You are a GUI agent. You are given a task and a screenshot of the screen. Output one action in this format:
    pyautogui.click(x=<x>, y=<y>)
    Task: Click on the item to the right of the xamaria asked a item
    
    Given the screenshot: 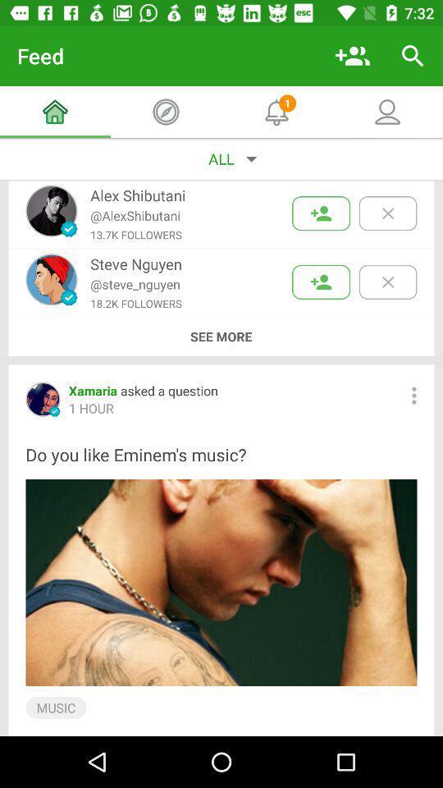 What is the action you would take?
    pyautogui.click(x=413, y=395)
    